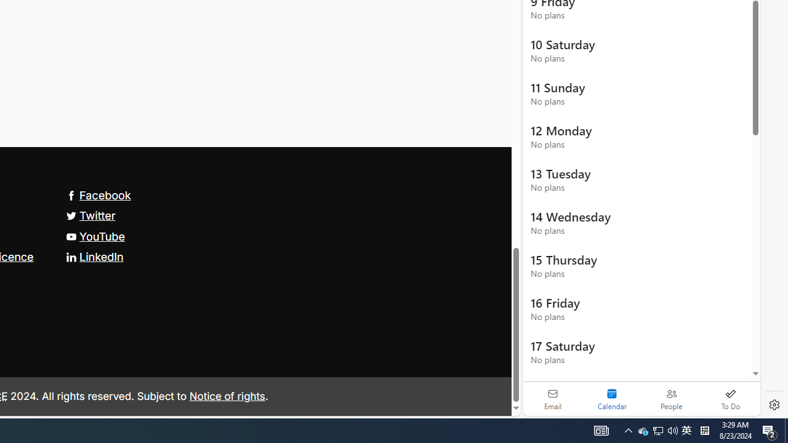 The image size is (788, 443). Describe the element at coordinates (97, 194) in the screenshot. I see `'Facebook'` at that location.